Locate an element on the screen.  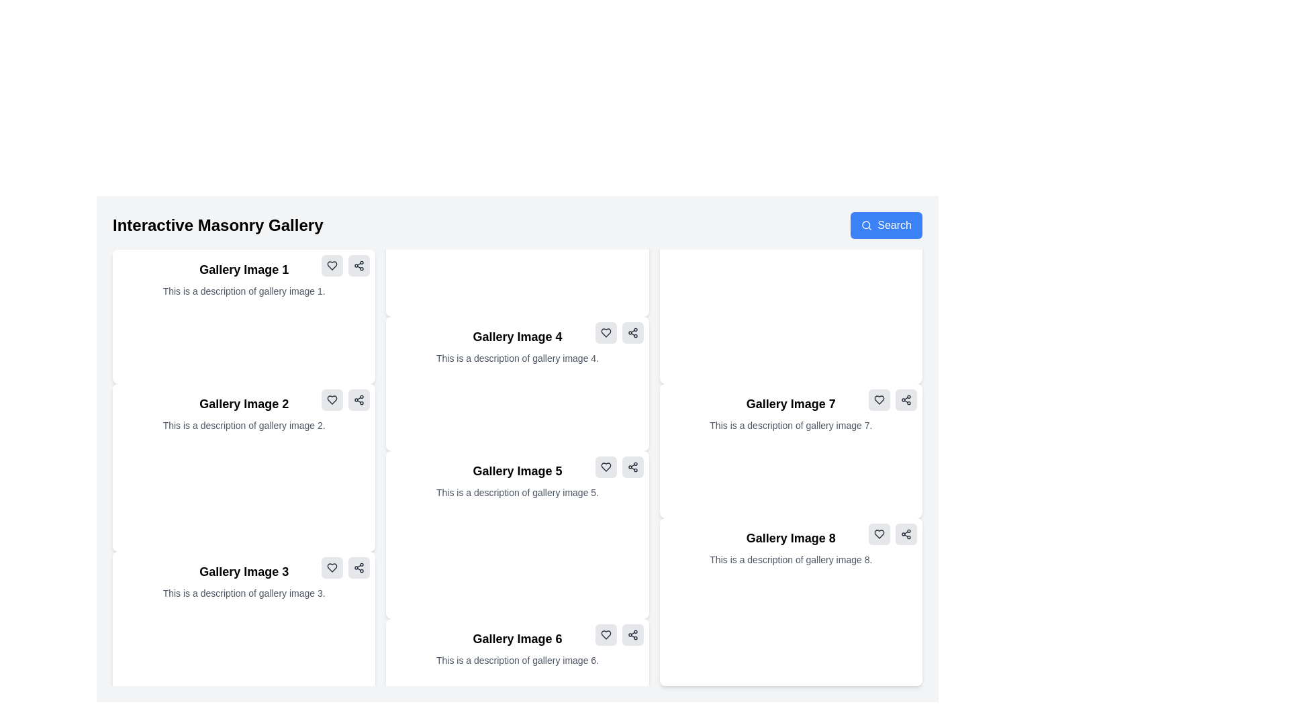
the text element that provides a brief description or additional context about gallery image 3, located directly beneath its title text in the bottom-left corner of the interface is located at coordinates (244, 592).